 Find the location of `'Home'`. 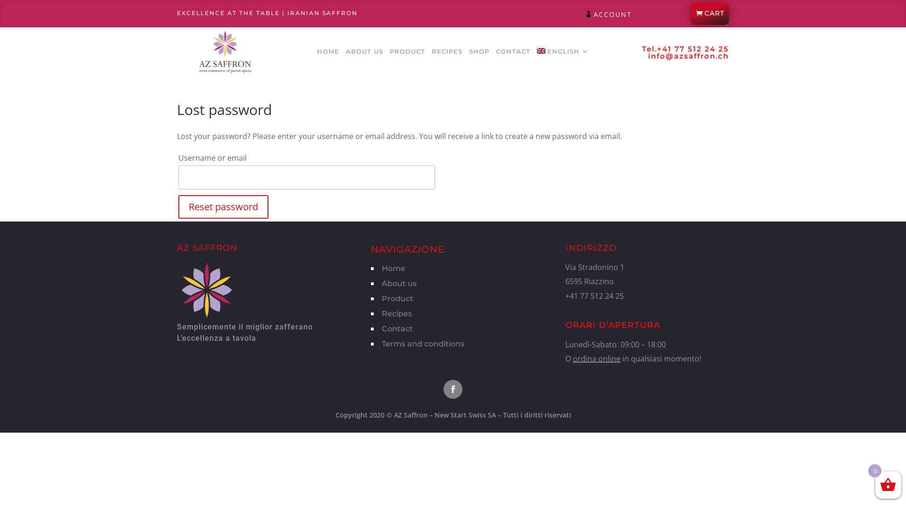

'Home' is located at coordinates (394, 268).